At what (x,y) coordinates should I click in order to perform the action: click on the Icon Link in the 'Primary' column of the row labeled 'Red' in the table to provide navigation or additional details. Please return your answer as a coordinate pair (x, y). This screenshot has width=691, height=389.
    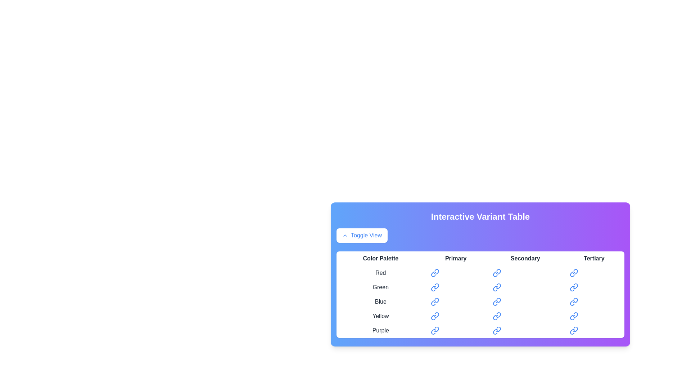
    Looking at the image, I should click on (434, 273).